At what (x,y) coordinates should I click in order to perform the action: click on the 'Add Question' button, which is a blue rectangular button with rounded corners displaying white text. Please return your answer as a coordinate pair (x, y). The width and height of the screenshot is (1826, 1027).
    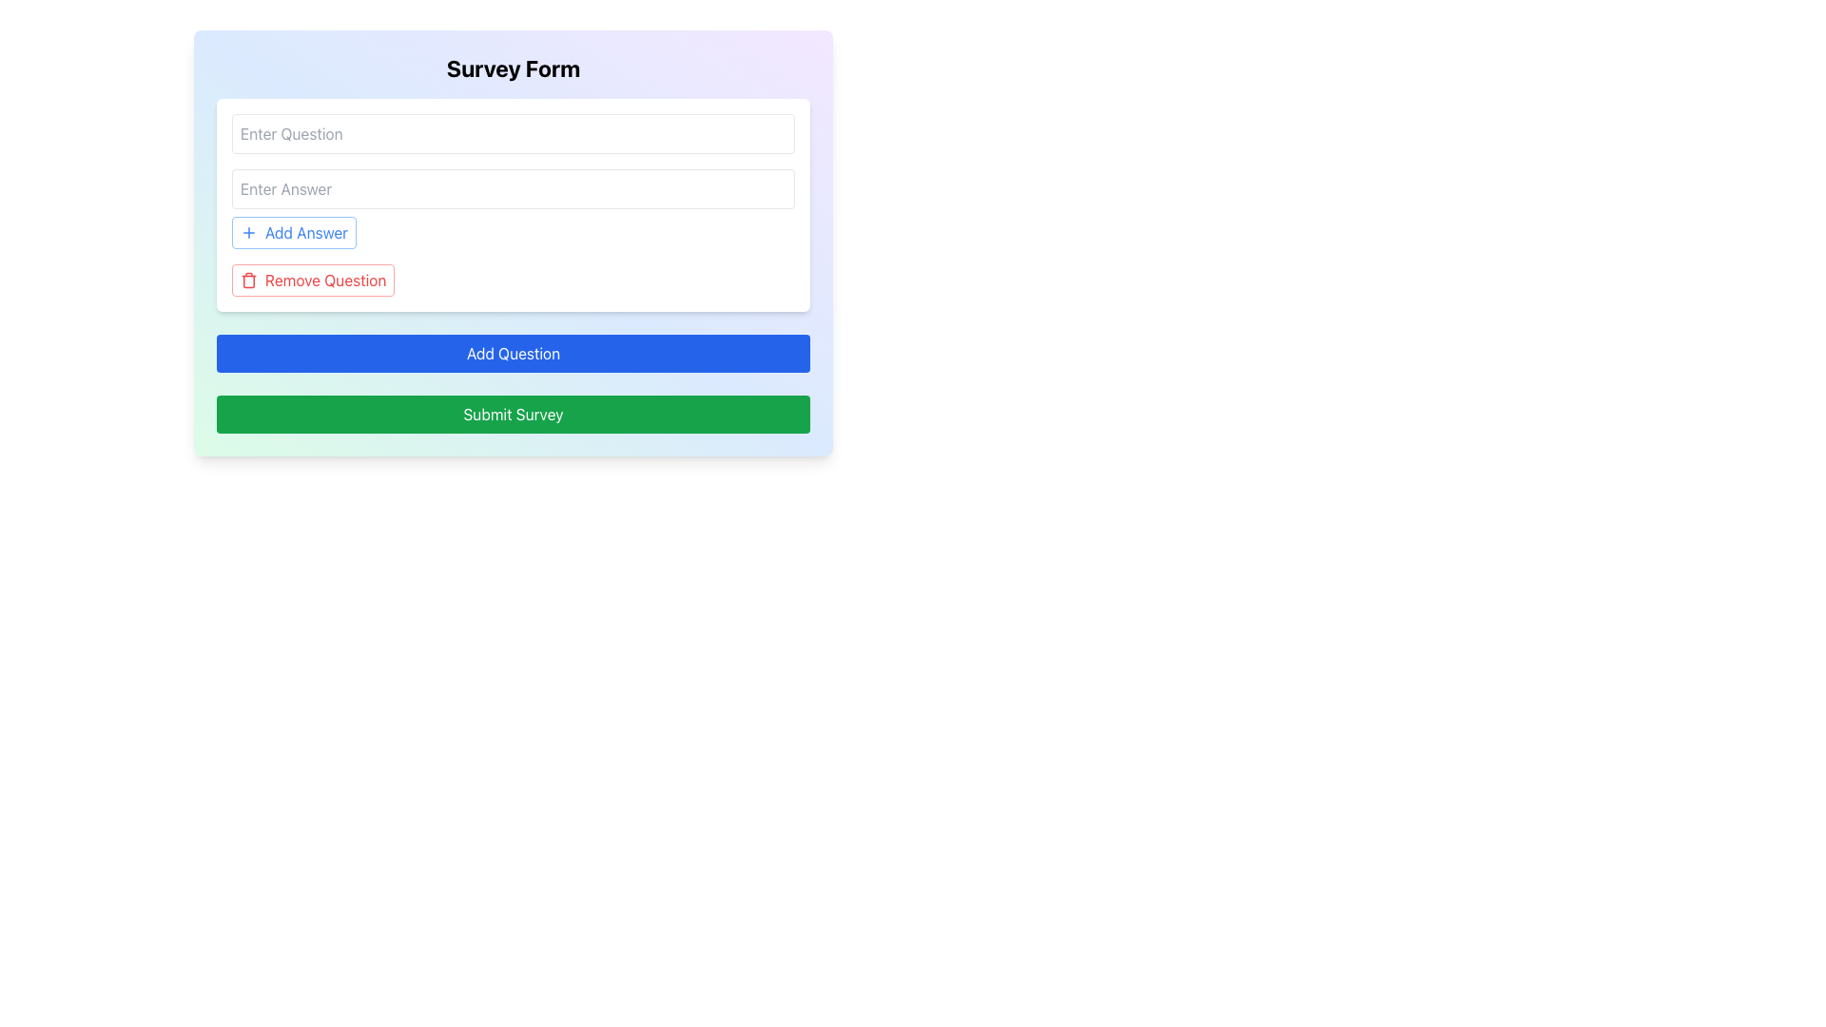
    Looking at the image, I should click on (513, 353).